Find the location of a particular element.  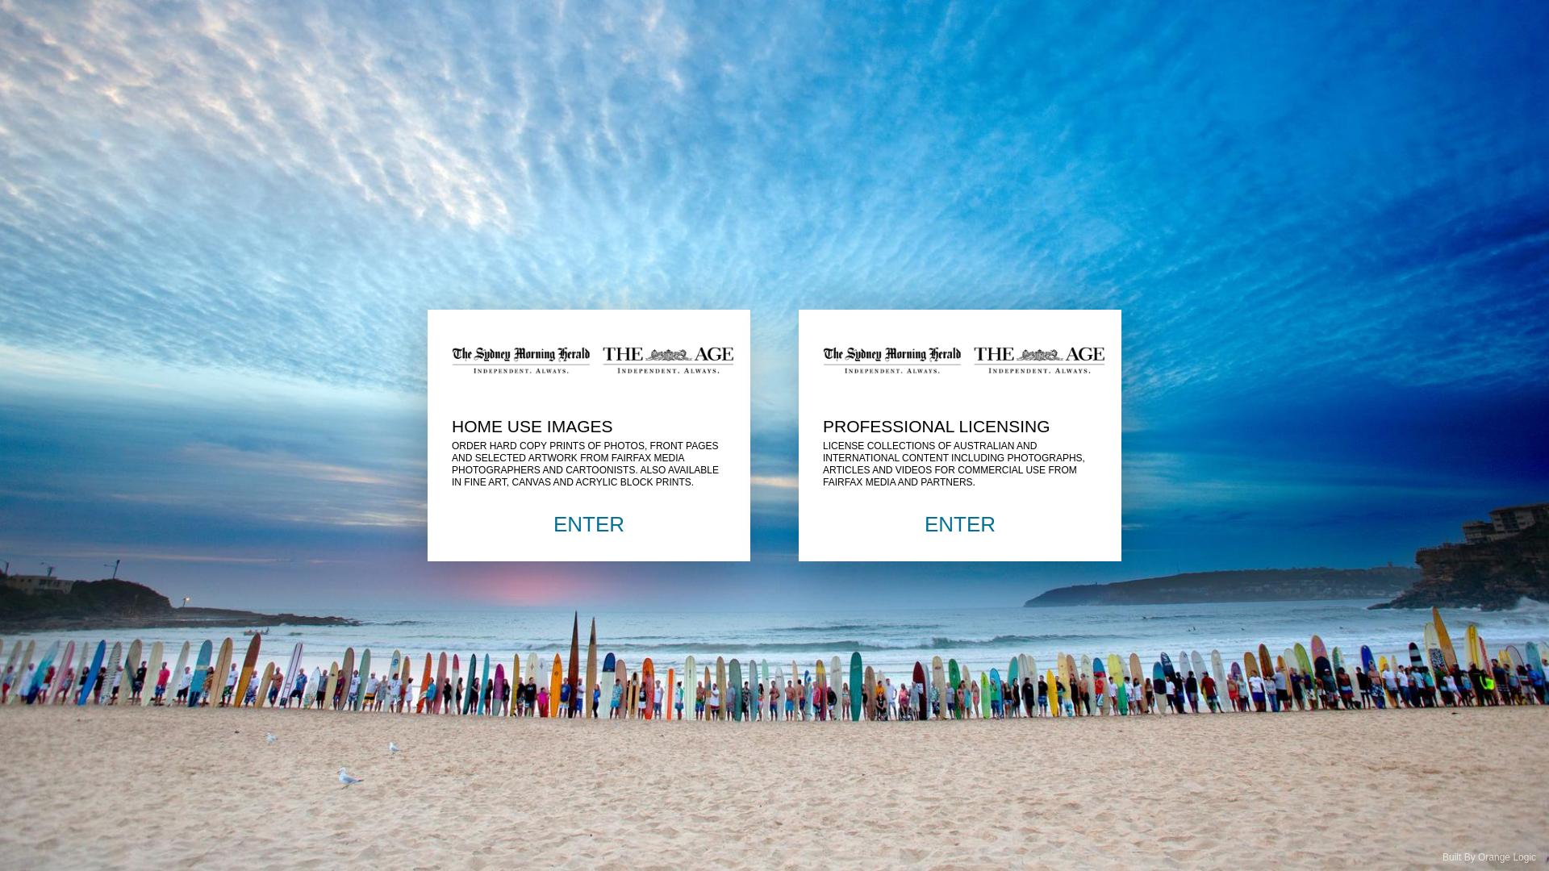

'ENTER' is located at coordinates (960, 524).